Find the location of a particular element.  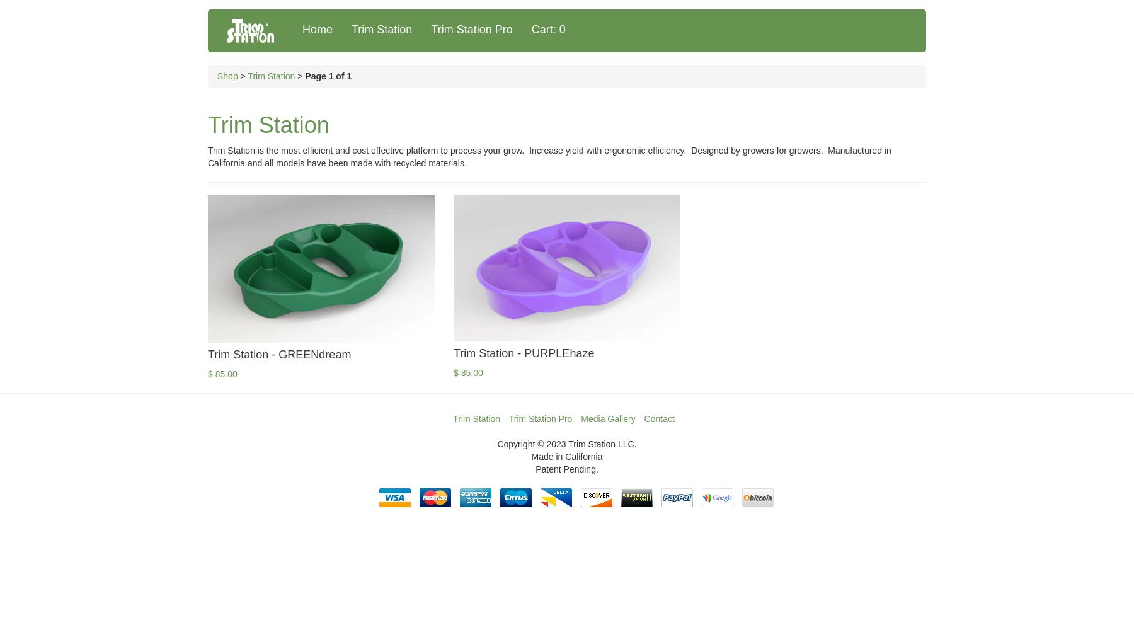

'Made in California' is located at coordinates (566, 456).